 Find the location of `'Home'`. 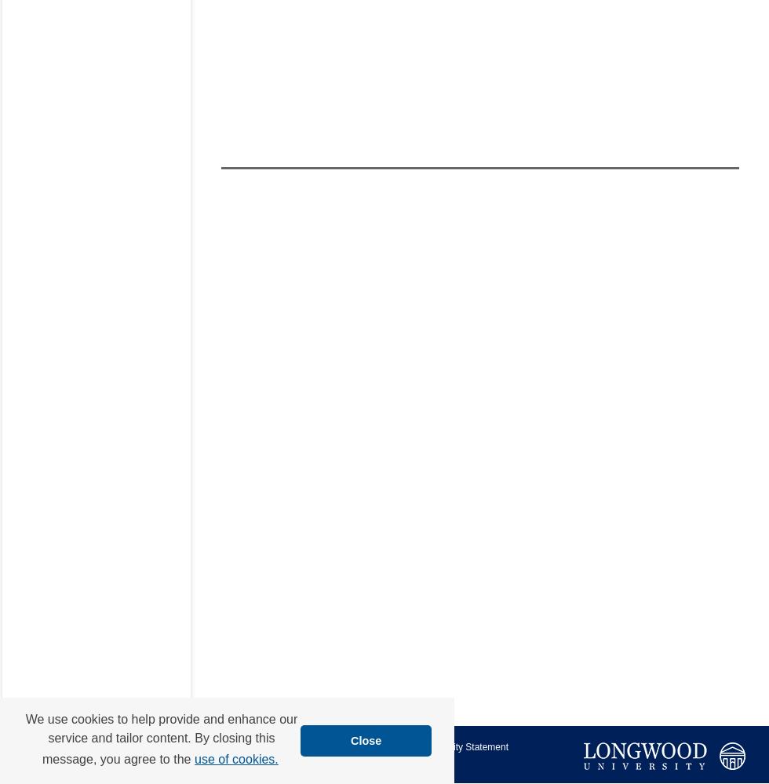

'Home' is located at coordinates (226, 746).